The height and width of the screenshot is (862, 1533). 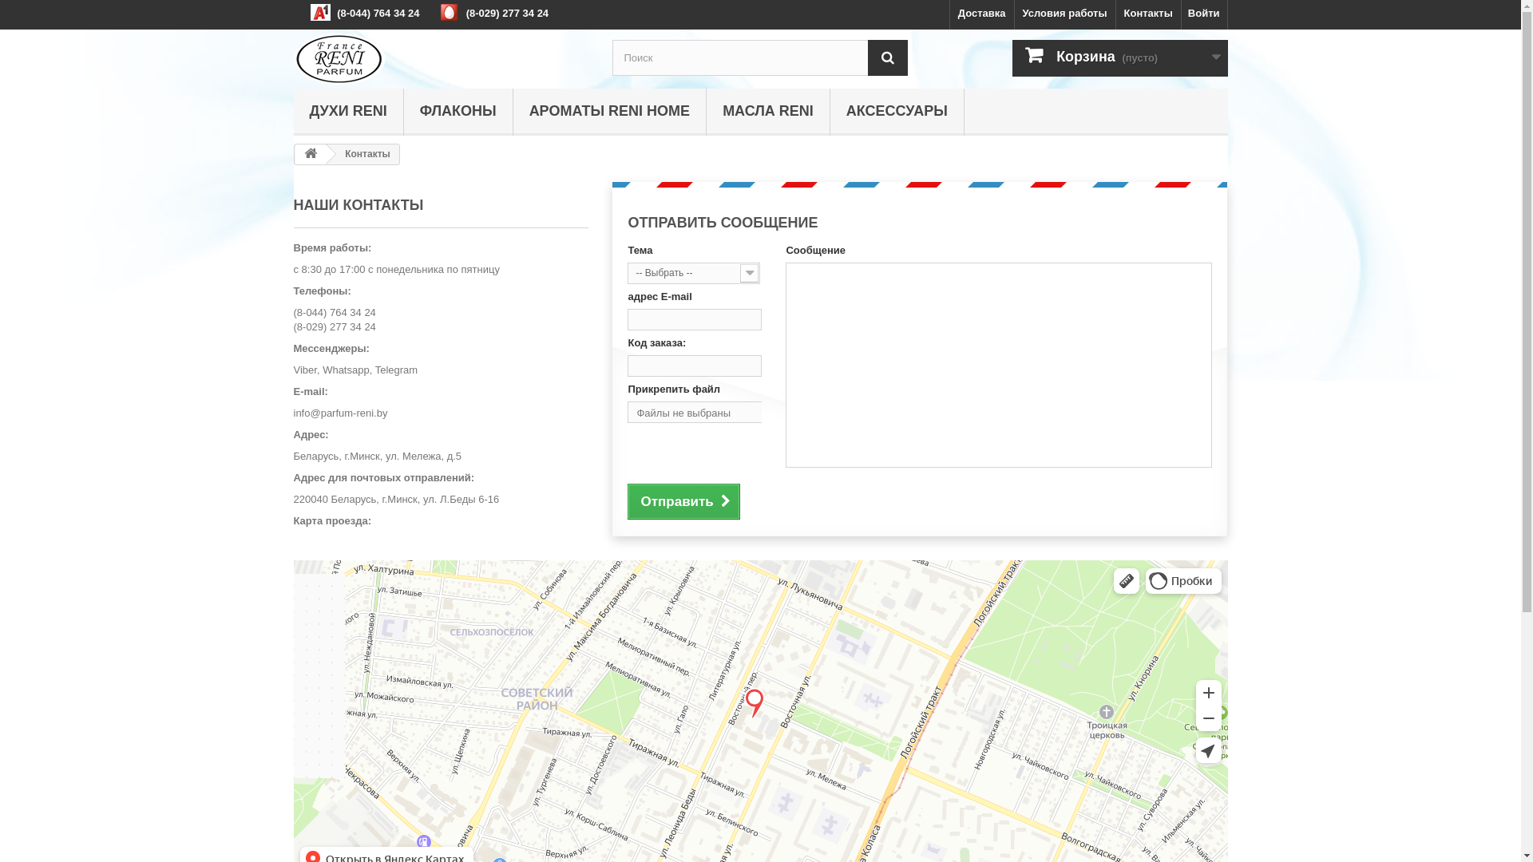 What do you see at coordinates (396, 370) in the screenshot?
I see `'Telegram'` at bounding box center [396, 370].